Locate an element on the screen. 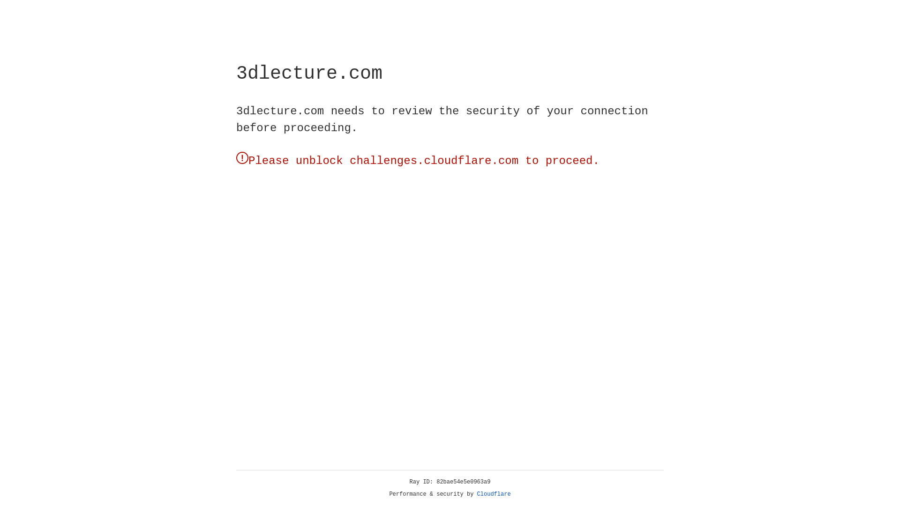 This screenshot has width=900, height=506. 'Cloudflare' is located at coordinates (494, 494).